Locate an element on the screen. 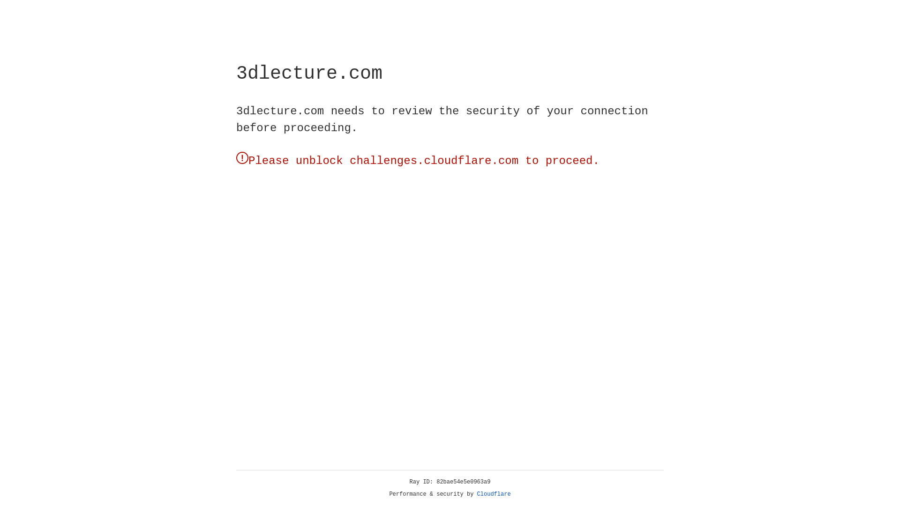 This screenshot has width=900, height=506. 'Cloudflare' is located at coordinates (494, 494).